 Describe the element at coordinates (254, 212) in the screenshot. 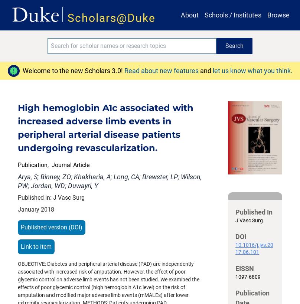

I see `'Published In'` at that location.